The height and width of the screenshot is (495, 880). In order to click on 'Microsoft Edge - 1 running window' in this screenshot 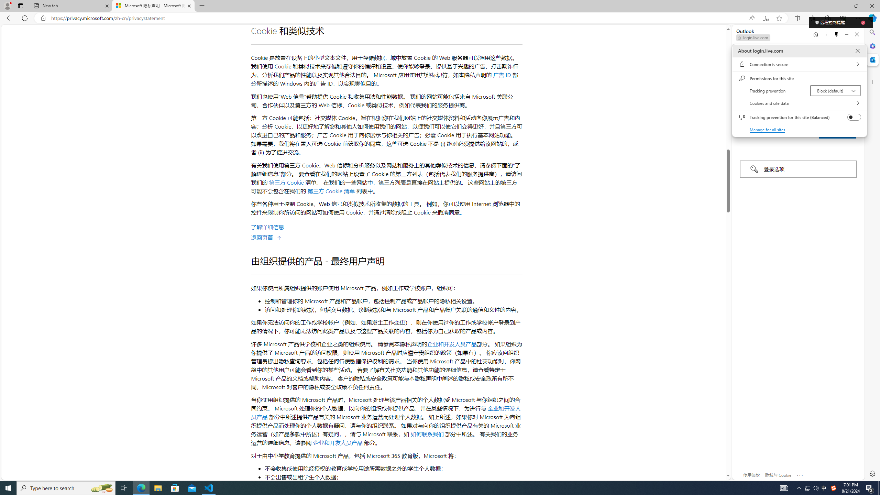, I will do `click(175, 487)`.